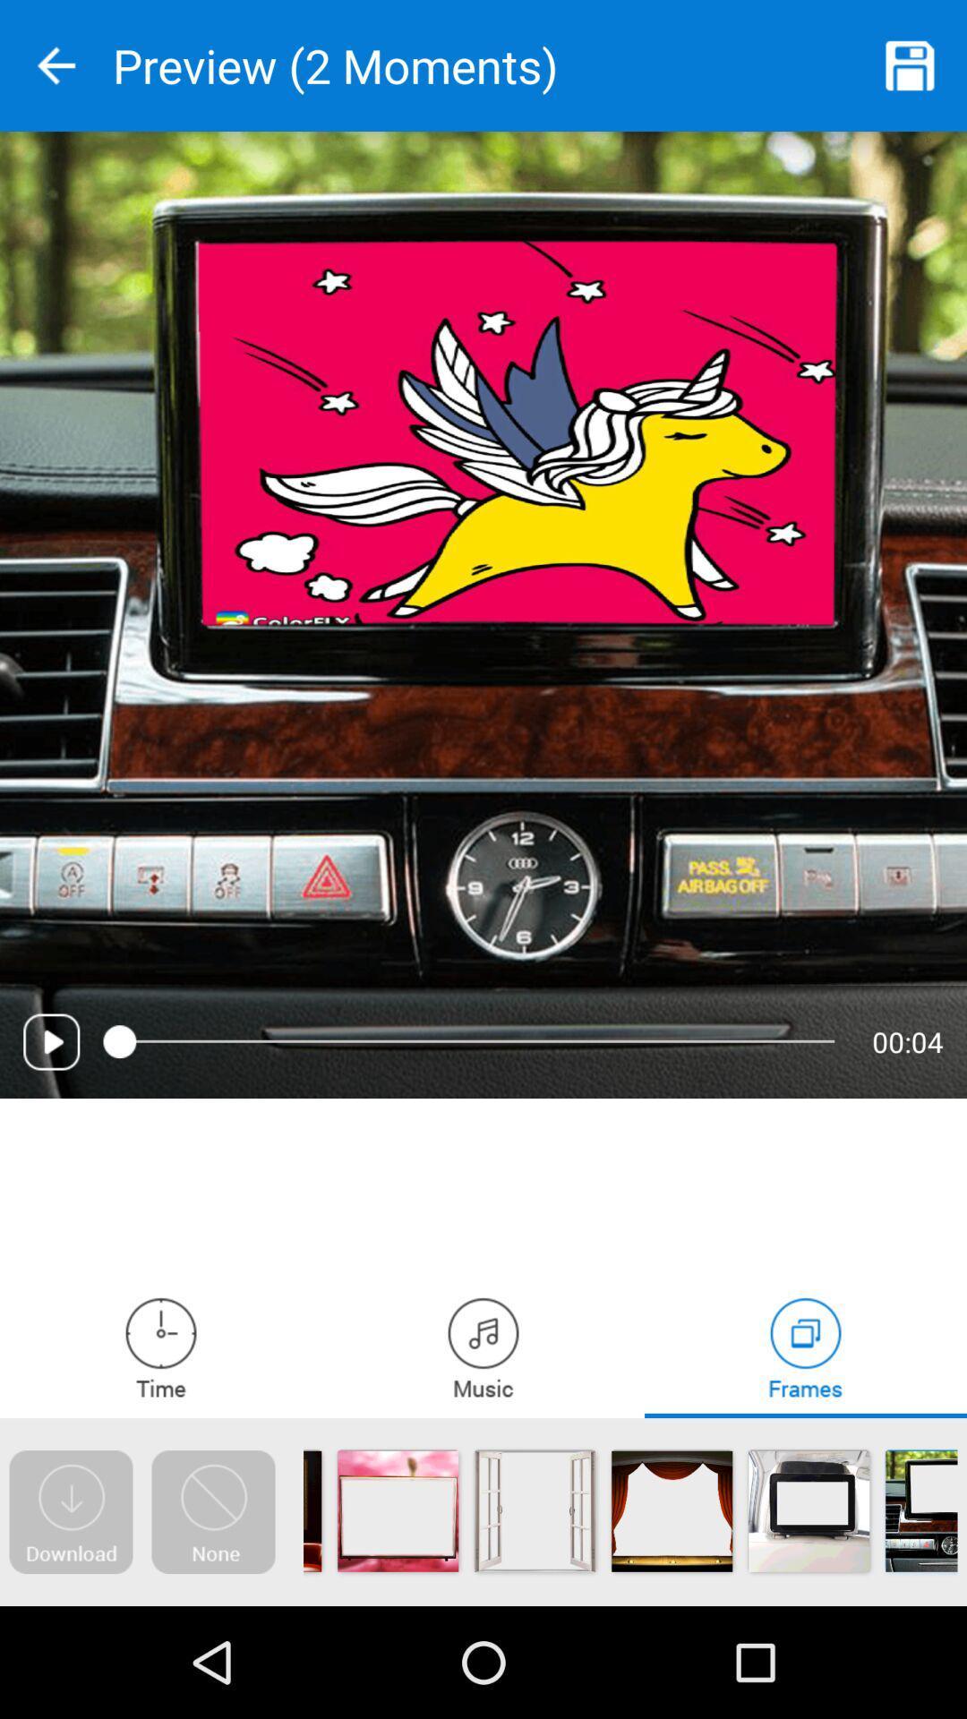 This screenshot has height=1719, width=967. Describe the element at coordinates (70, 1511) in the screenshot. I see `download new frames` at that location.